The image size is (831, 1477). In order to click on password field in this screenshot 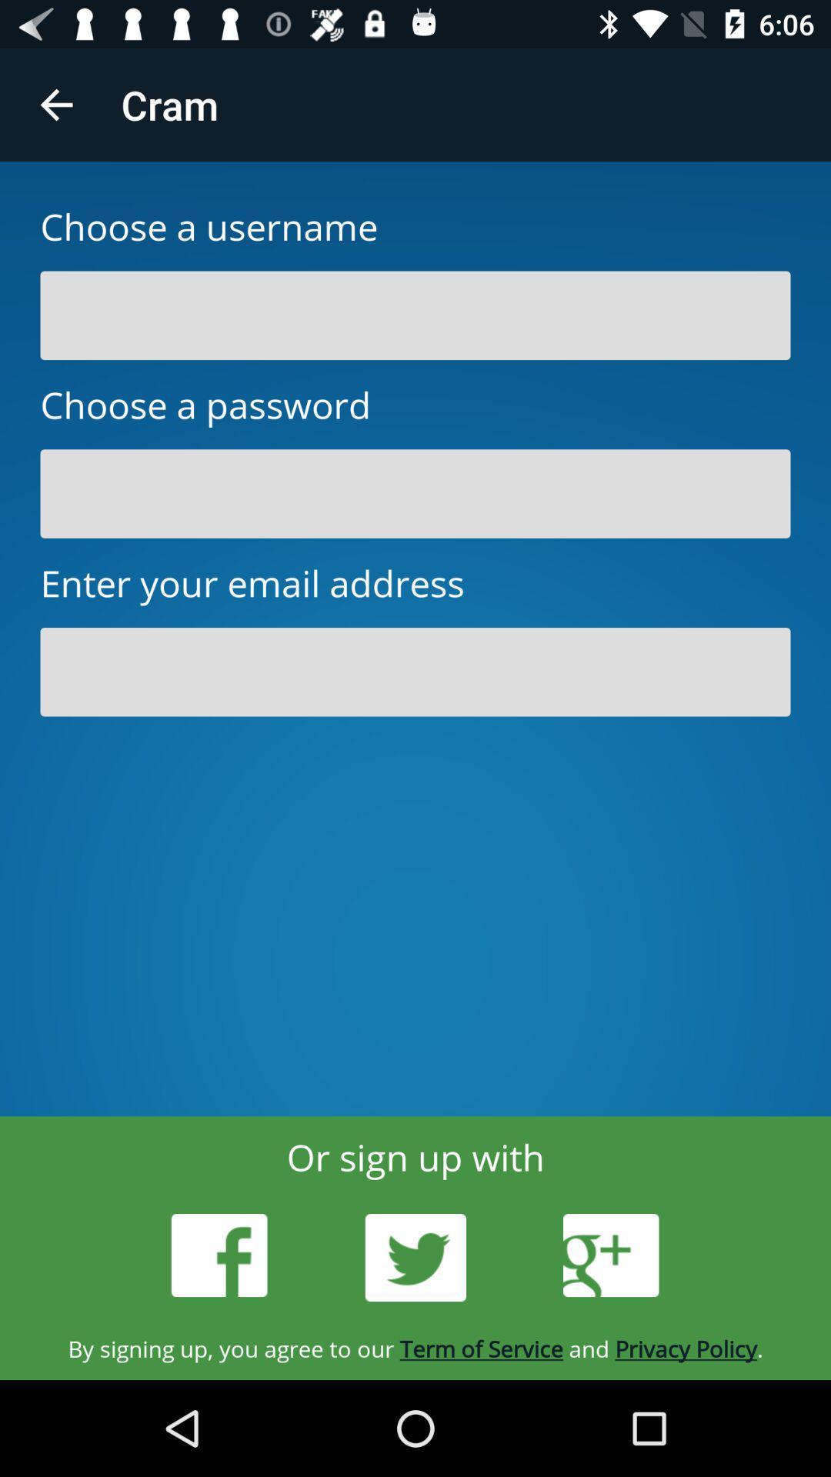, I will do `click(415, 494)`.